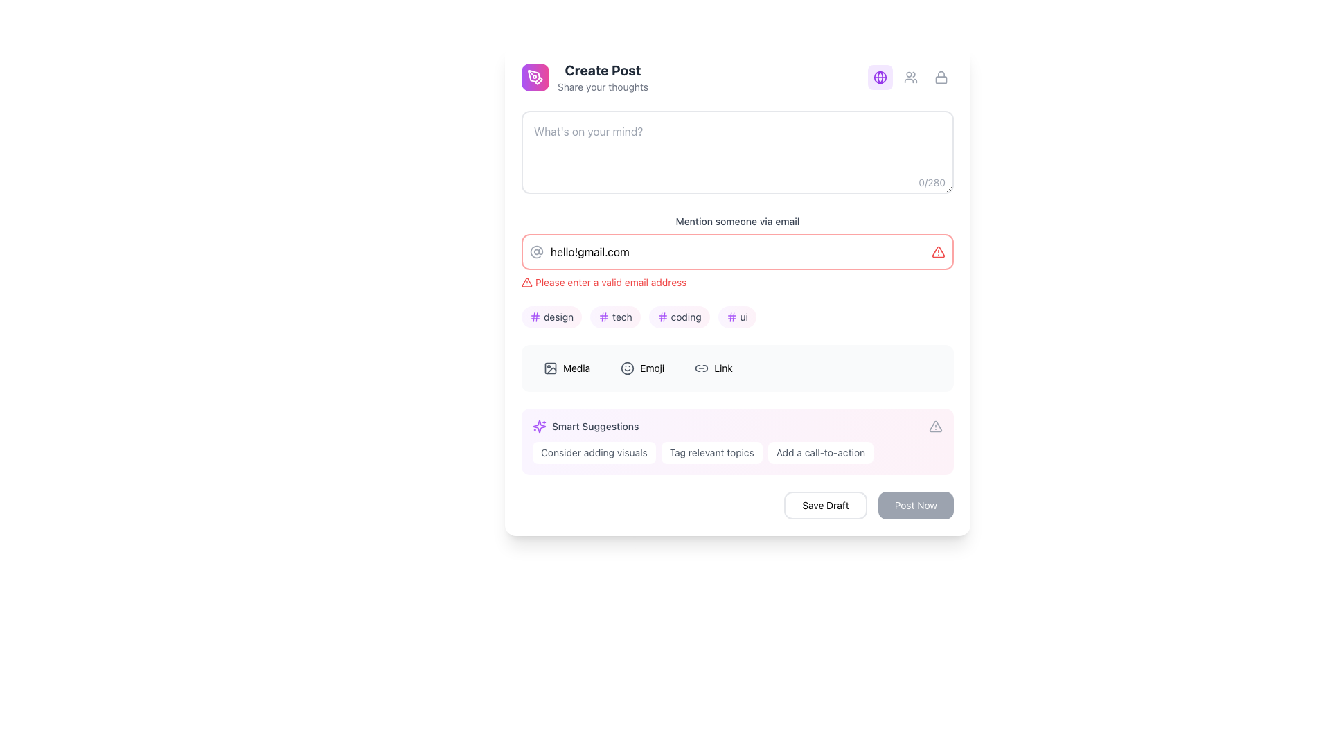  I want to click on the first button labeled 'design', so click(551, 317).